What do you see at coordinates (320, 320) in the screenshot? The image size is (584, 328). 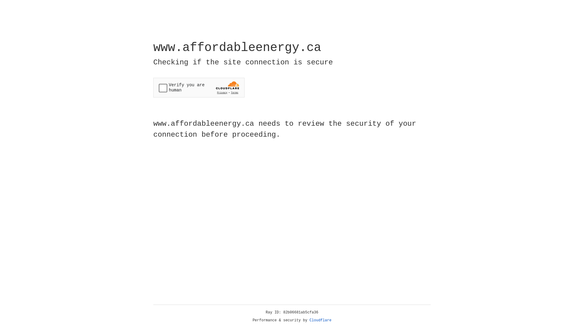 I see `'Cloudflare'` at bounding box center [320, 320].